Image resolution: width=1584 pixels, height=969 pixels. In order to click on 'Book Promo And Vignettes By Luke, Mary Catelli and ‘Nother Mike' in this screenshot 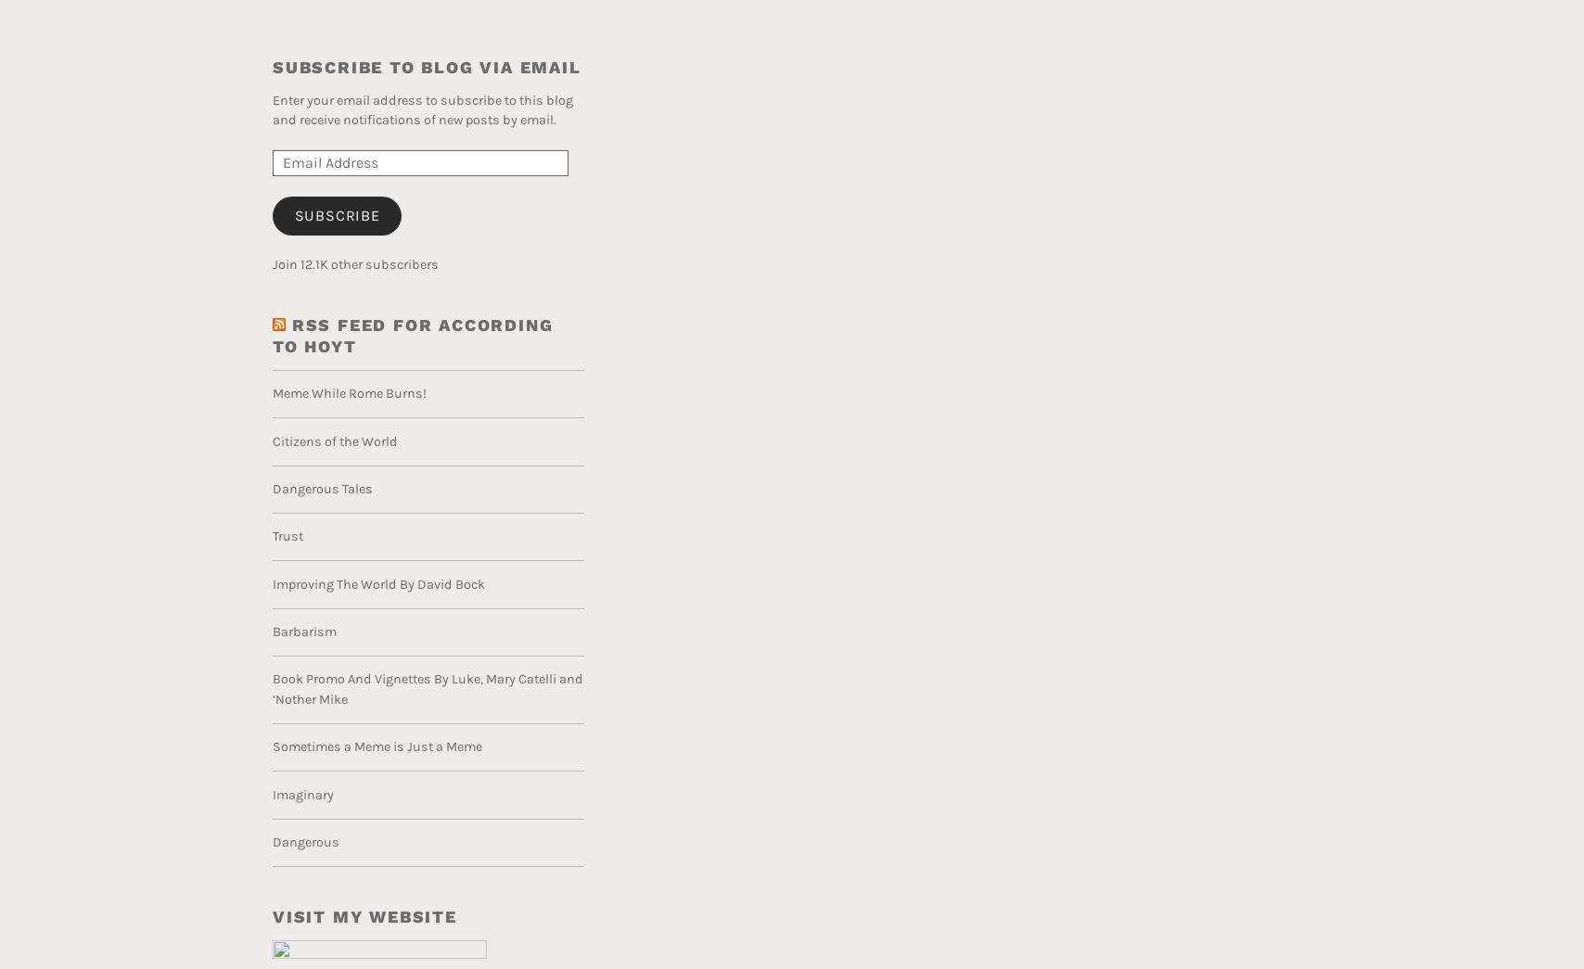, I will do `click(428, 688)`.